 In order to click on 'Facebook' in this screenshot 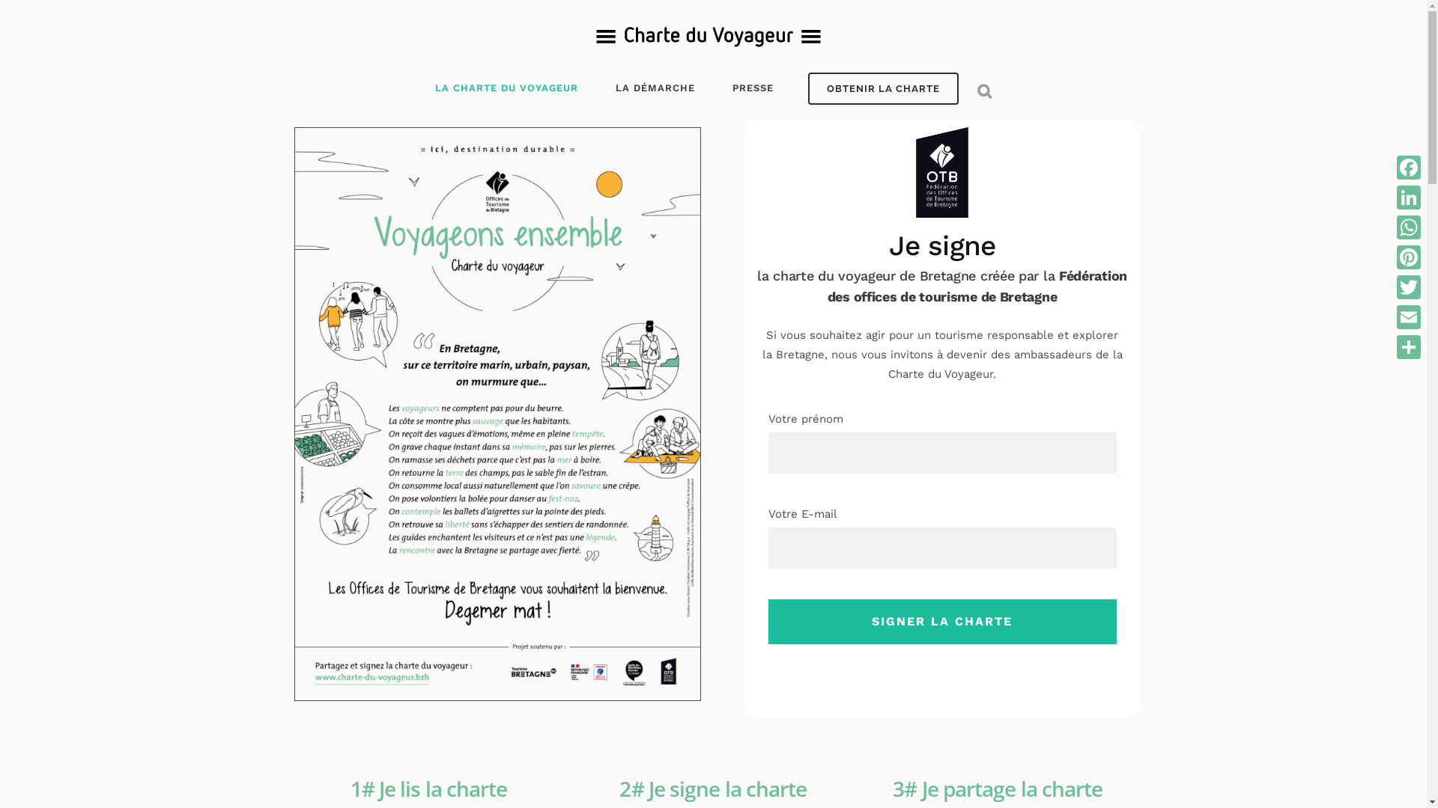, I will do `click(1408, 167)`.